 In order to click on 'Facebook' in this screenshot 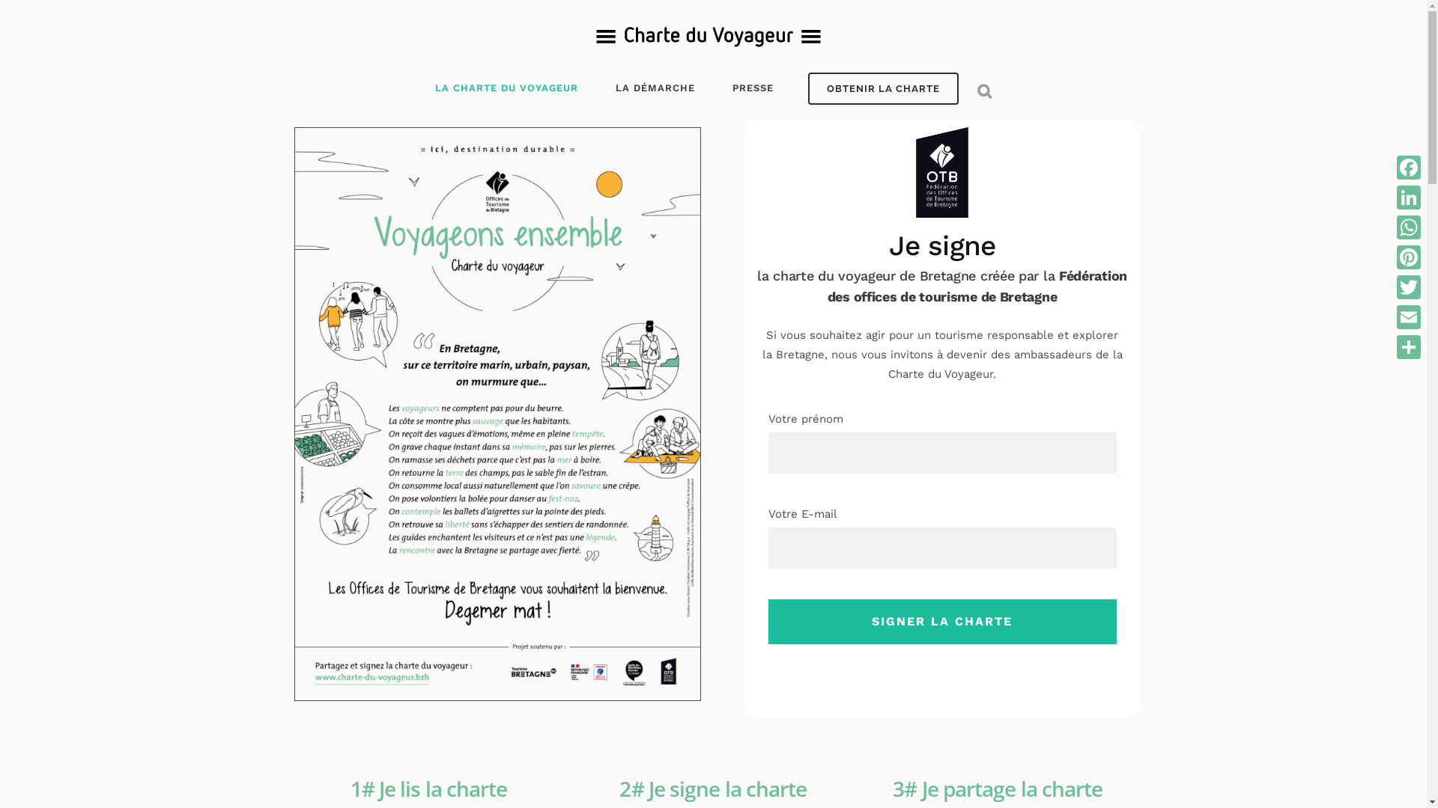, I will do `click(1408, 167)`.